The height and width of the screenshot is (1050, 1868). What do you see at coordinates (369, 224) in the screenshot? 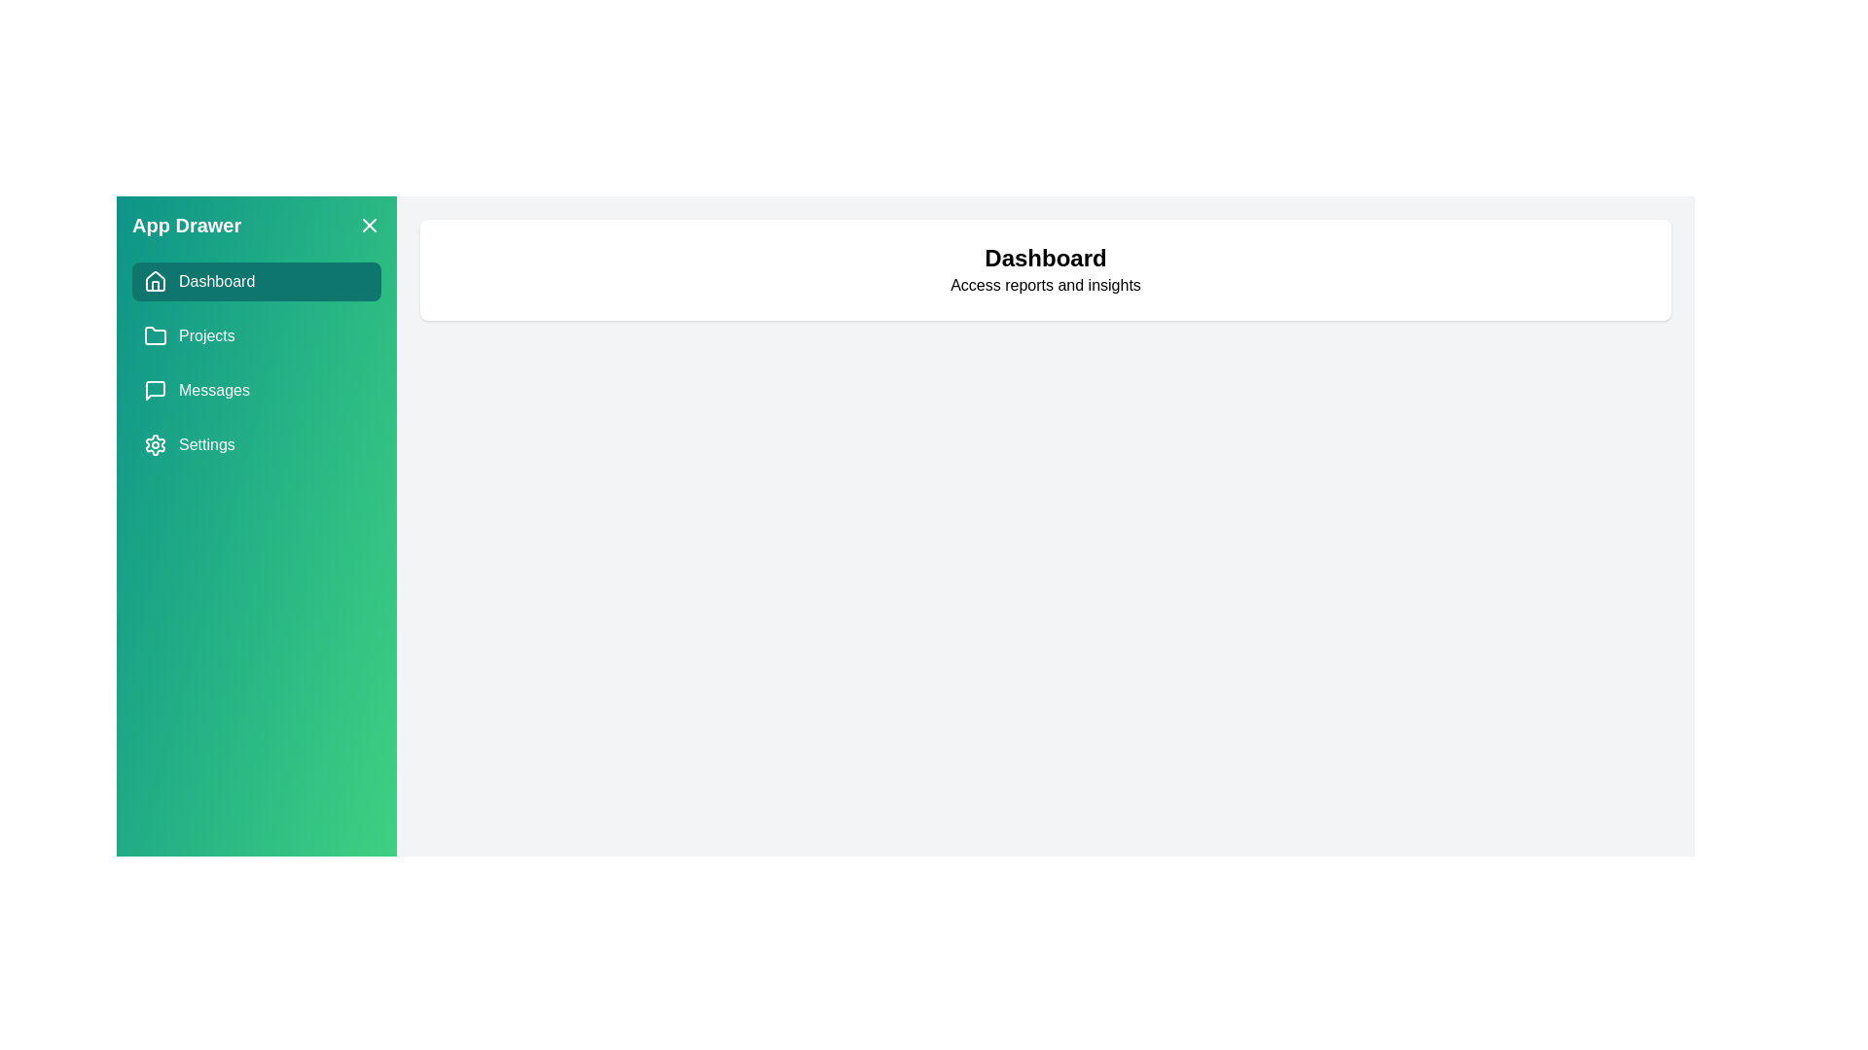
I see `the close button in the drawer to close it` at bounding box center [369, 224].